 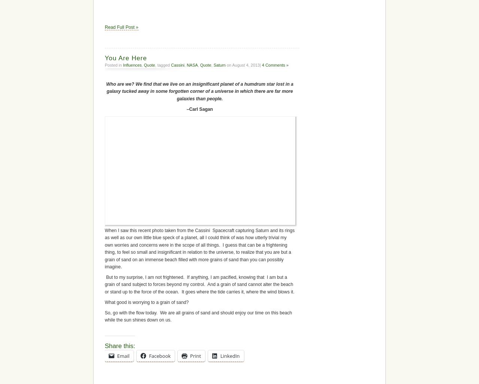 I want to click on 'Share this:', so click(x=104, y=346).